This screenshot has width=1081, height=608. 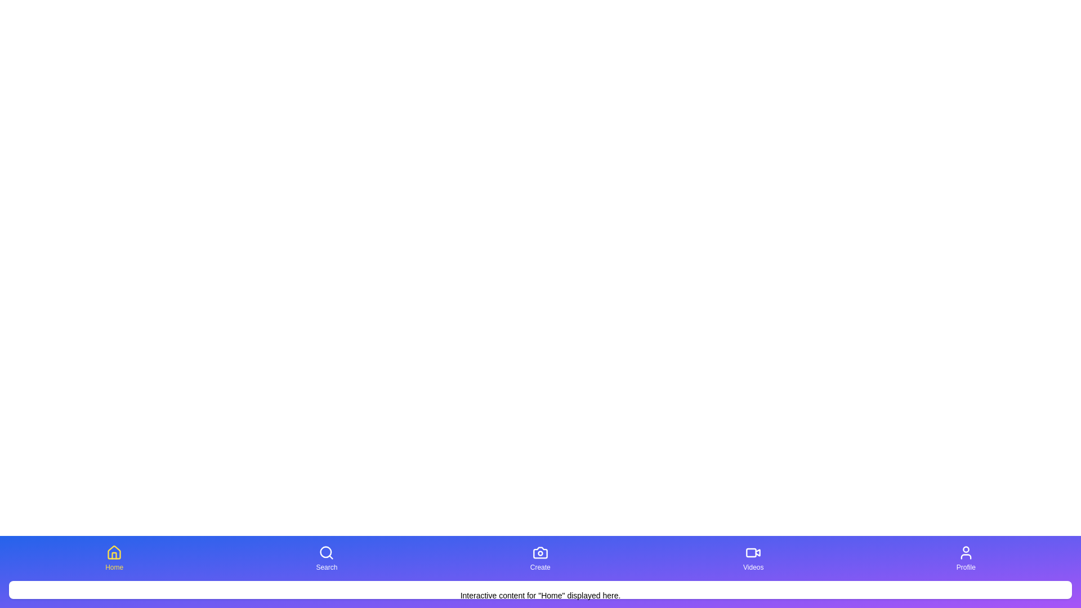 What do you see at coordinates (540, 558) in the screenshot?
I see `the button corresponding to Create` at bounding box center [540, 558].